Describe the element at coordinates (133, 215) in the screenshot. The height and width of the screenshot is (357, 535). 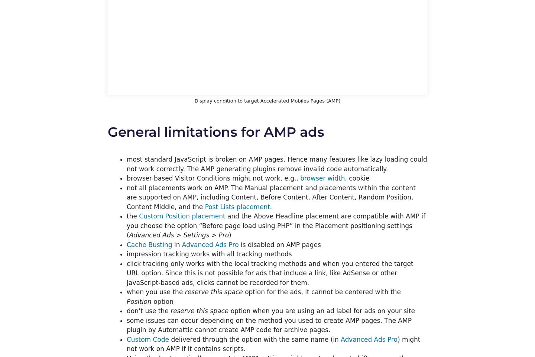
I see `'the'` at that location.